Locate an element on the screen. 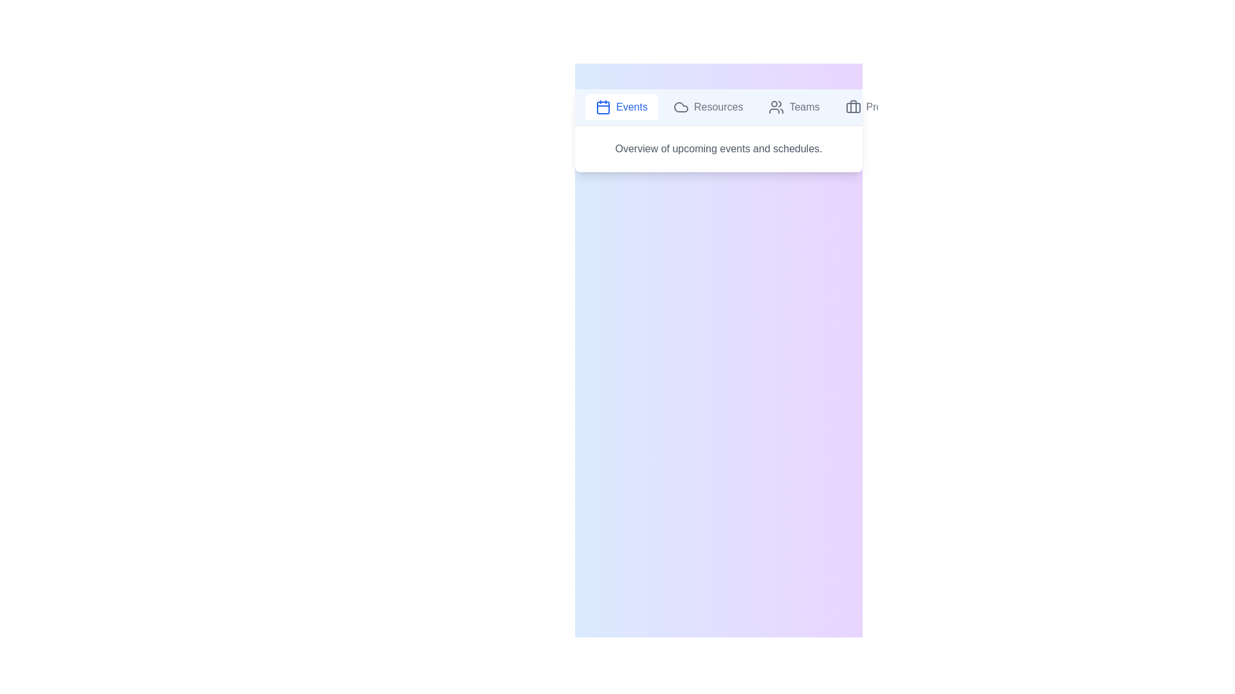  the tab labeled Events to view its content is located at coordinates (621, 106).